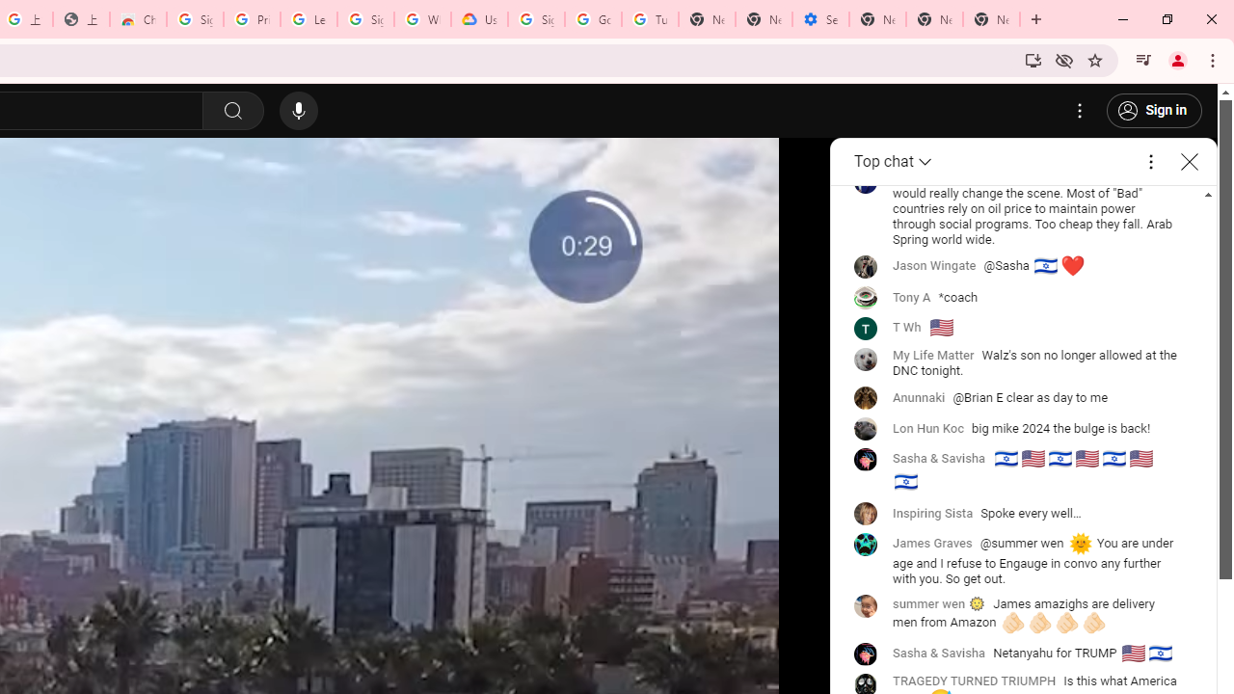  Describe the element at coordinates (650, 19) in the screenshot. I see `'Turn cookies on or off - Computer - Google Account Help'` at that location.